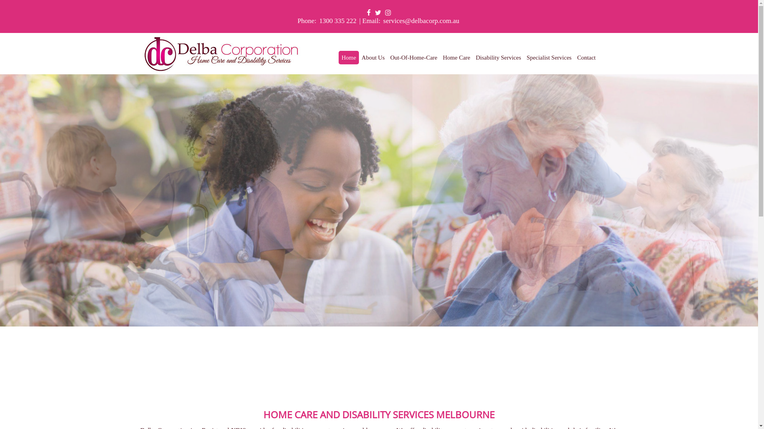 This screenshot has width=764, height=429. What do you see at coordinates (349, 57) in the screenshot?
I see `'Home'` at bounding box center [349, 57].